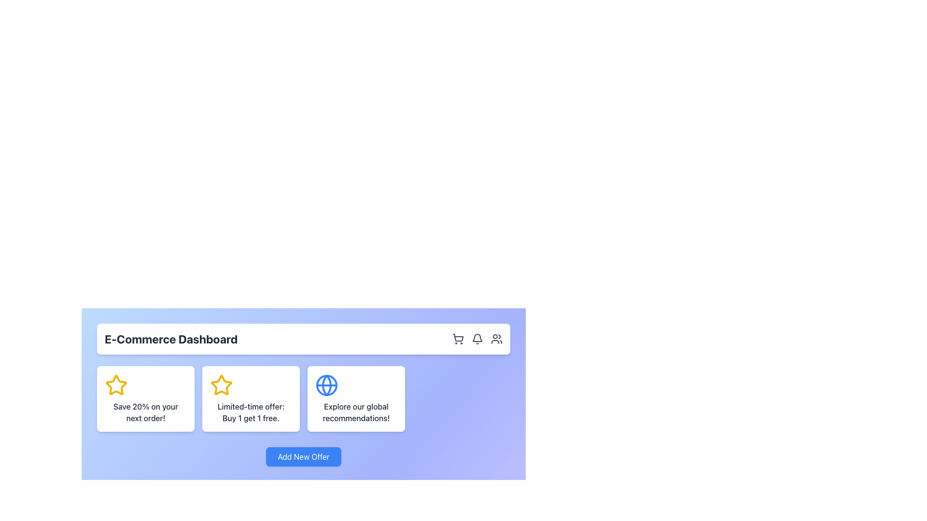 The width and height of the screenshot is (927, 521). What do you see at coordinates (221, 384) in the screenshot?
I see `the star-shaped icon with a yellow outline and white interior, which is positioned at the center of the card containing the text 'Limited-time offer: Buy 1 get 1 free.'` at bounding box center [221, 384].